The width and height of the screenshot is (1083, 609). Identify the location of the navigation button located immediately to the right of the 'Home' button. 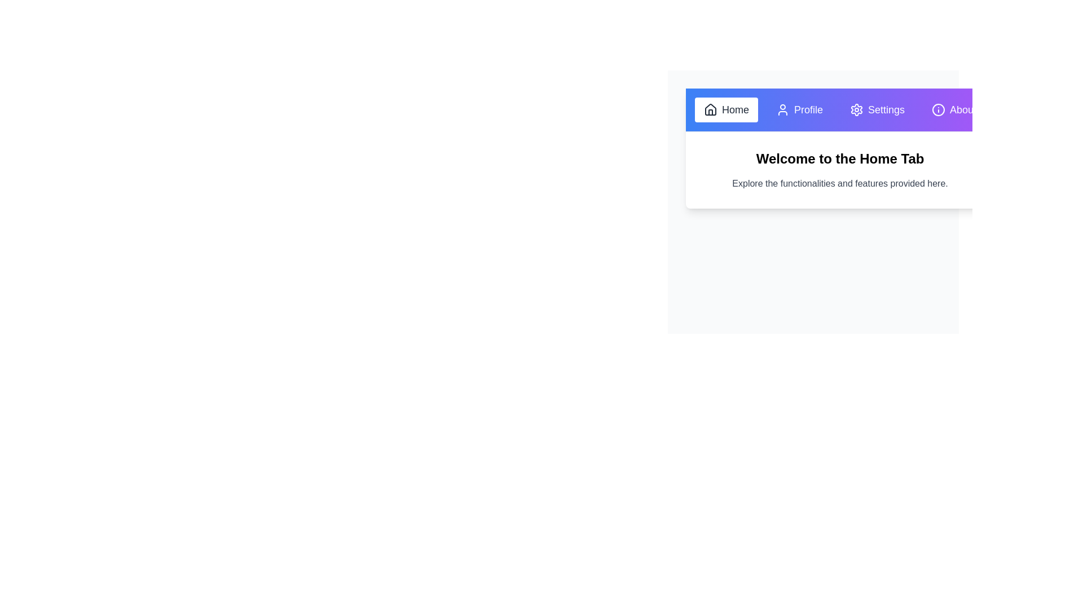
(799, 110).